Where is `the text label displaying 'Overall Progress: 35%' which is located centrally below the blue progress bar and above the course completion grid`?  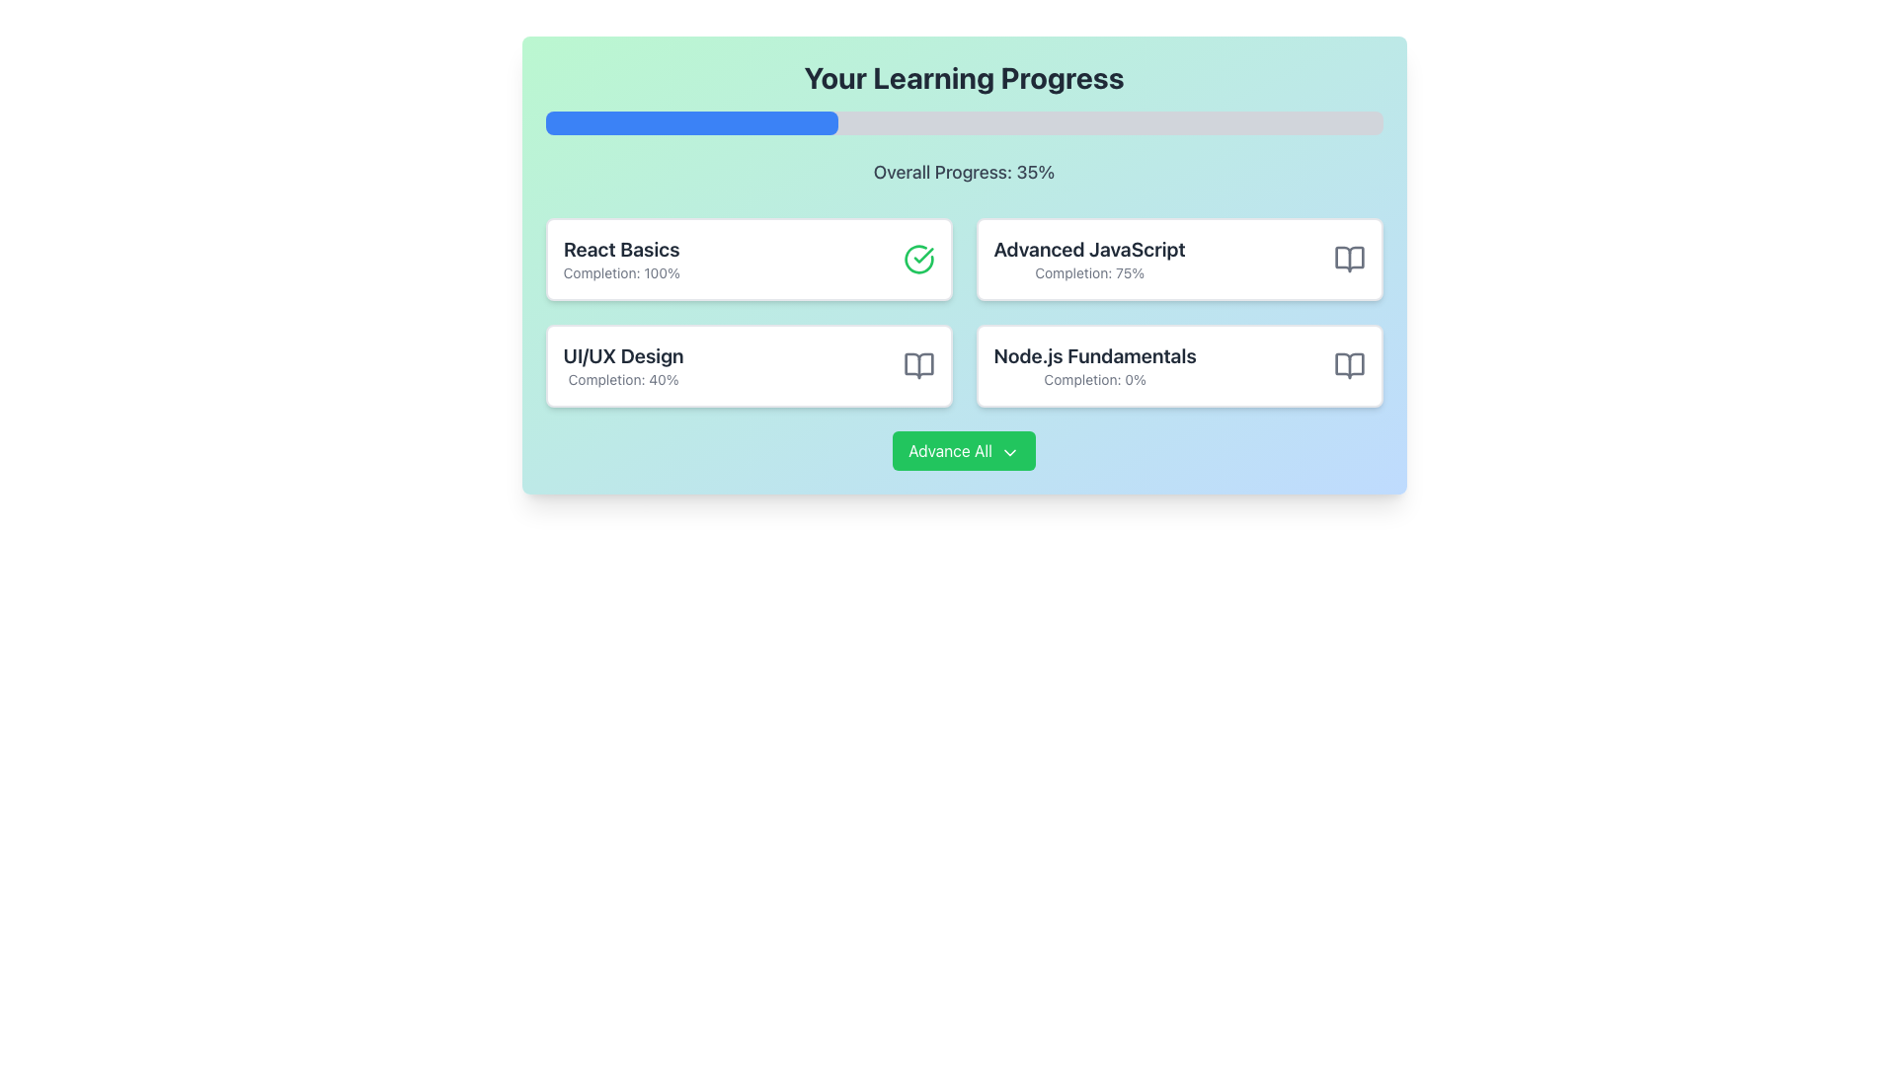 the text label displaying 'Overall Progress: 35%' which is located centrally below the blue progress bar and above the course completion grid is located at coordinates (964, 171).